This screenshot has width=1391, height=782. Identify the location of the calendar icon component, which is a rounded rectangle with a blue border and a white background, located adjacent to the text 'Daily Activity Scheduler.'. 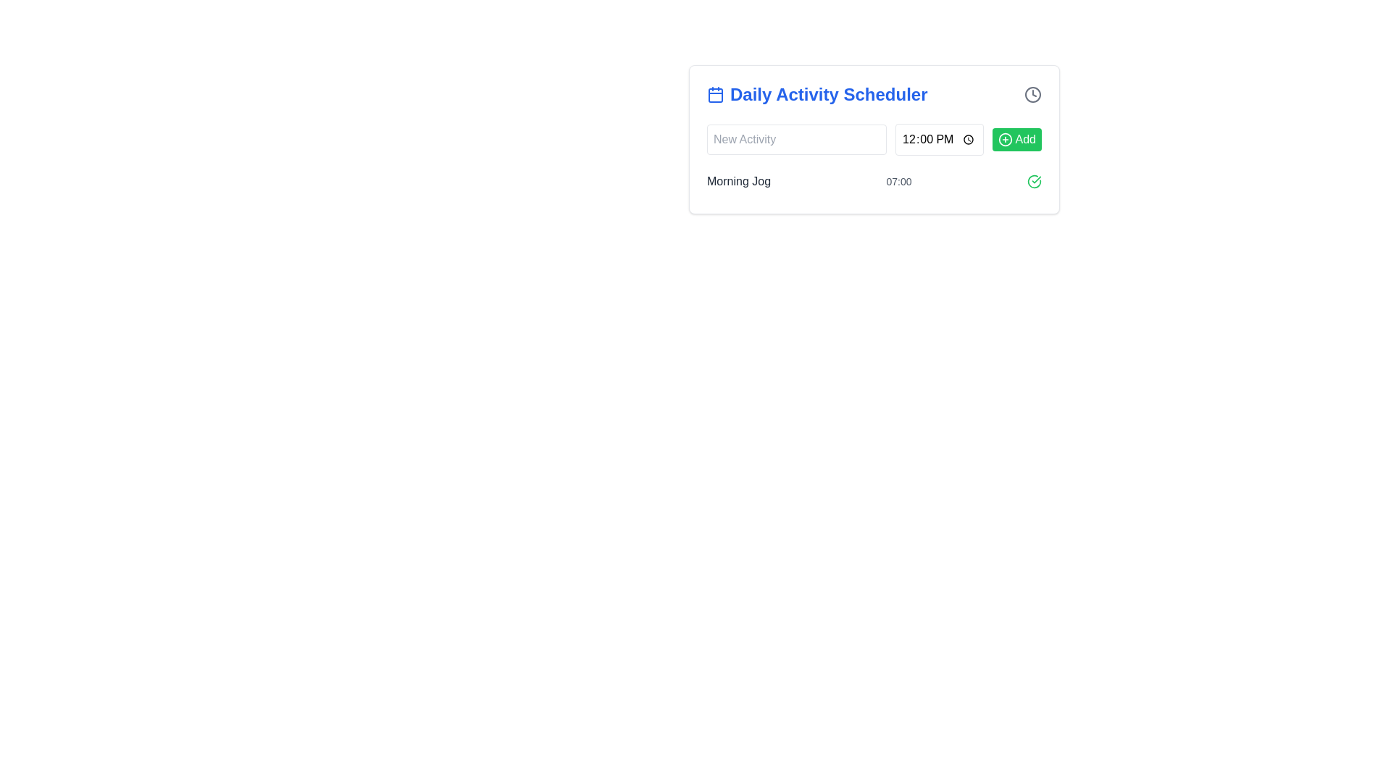
(716, 95).